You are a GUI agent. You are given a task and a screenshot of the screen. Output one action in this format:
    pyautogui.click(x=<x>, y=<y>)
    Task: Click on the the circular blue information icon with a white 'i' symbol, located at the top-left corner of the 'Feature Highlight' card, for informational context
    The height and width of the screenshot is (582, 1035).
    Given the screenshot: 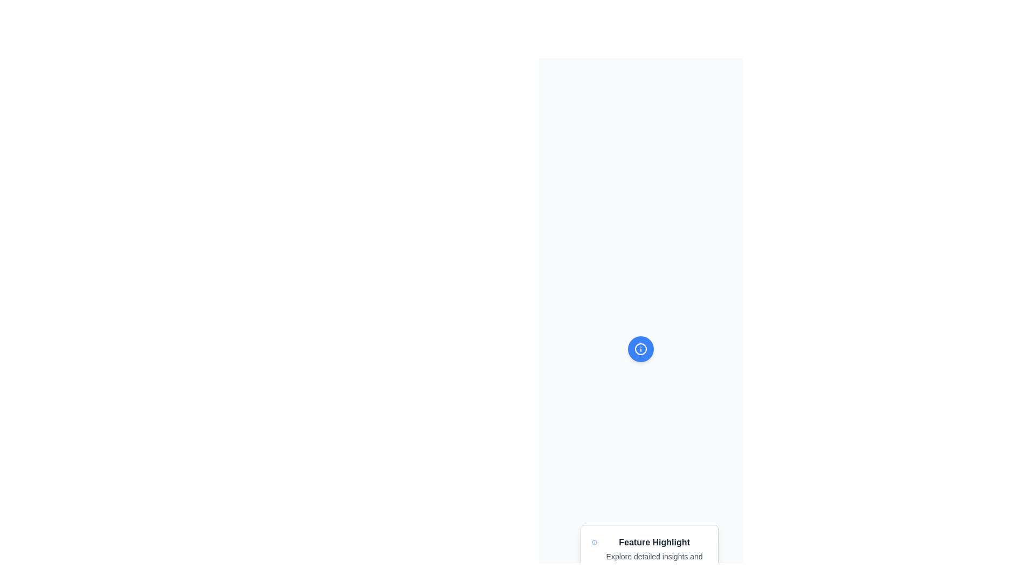 What is the action you would take?
    pyautogui.click(x=594, y=542)
    